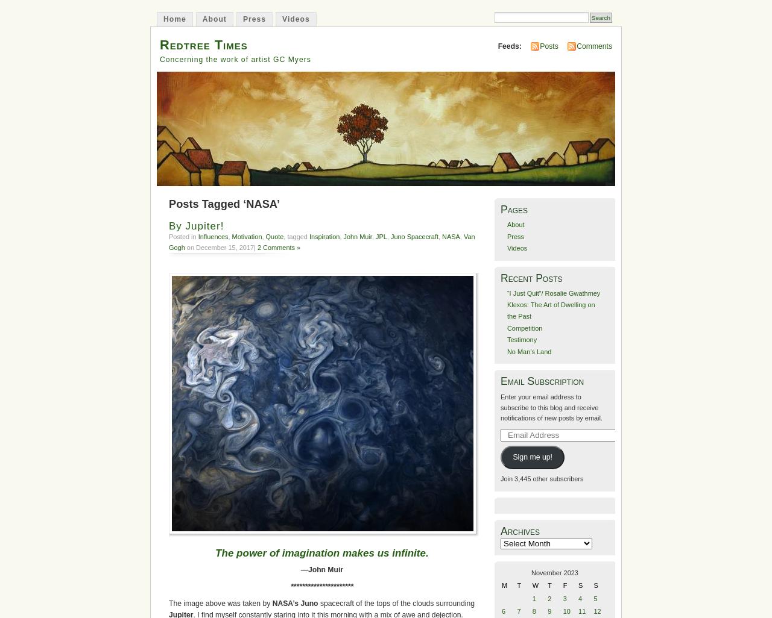 Image resolution: width=772 pixels, height=618 pixels. What do you see at coordinates (500, 530) in the screenshot?
I see `'Archives'` at bounding box center [500, 530].